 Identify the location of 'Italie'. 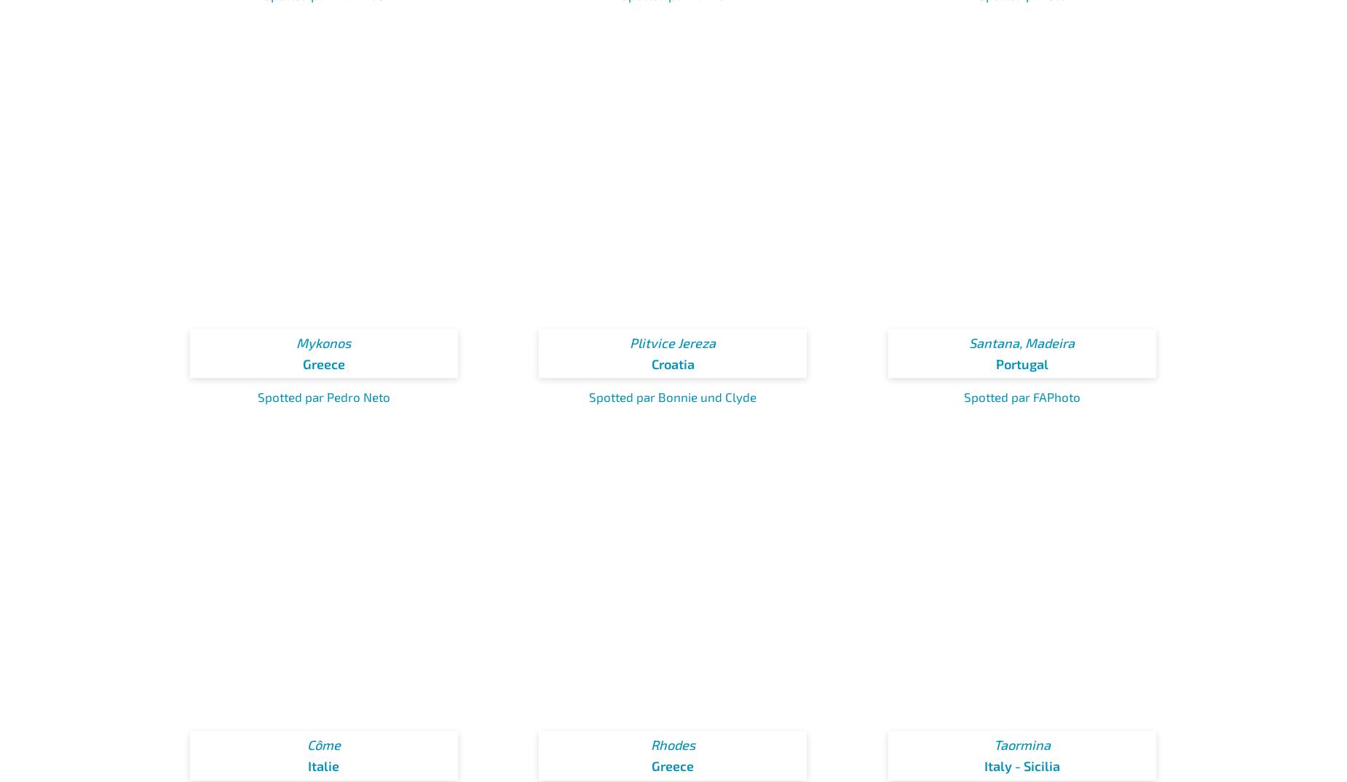
(323, 765).